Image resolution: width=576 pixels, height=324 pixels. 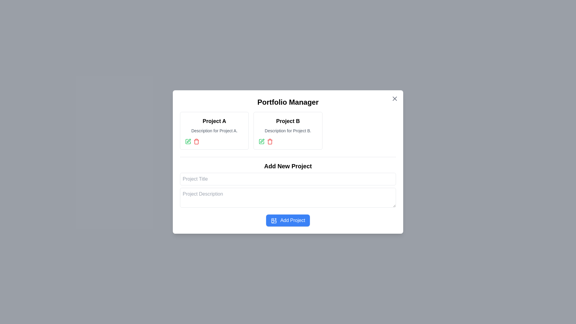 What do you see at coordinates (273, 220) in the screenshot?
I see `the plus icon on the left side of the 'Add Project' button, which has a blue background and white text, located at the bottom-center of the modal window` at bounding box center [273, 220].